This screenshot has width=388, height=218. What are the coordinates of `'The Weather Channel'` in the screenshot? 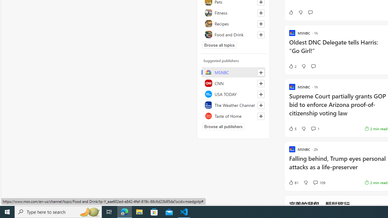 It's located at (233, 105).